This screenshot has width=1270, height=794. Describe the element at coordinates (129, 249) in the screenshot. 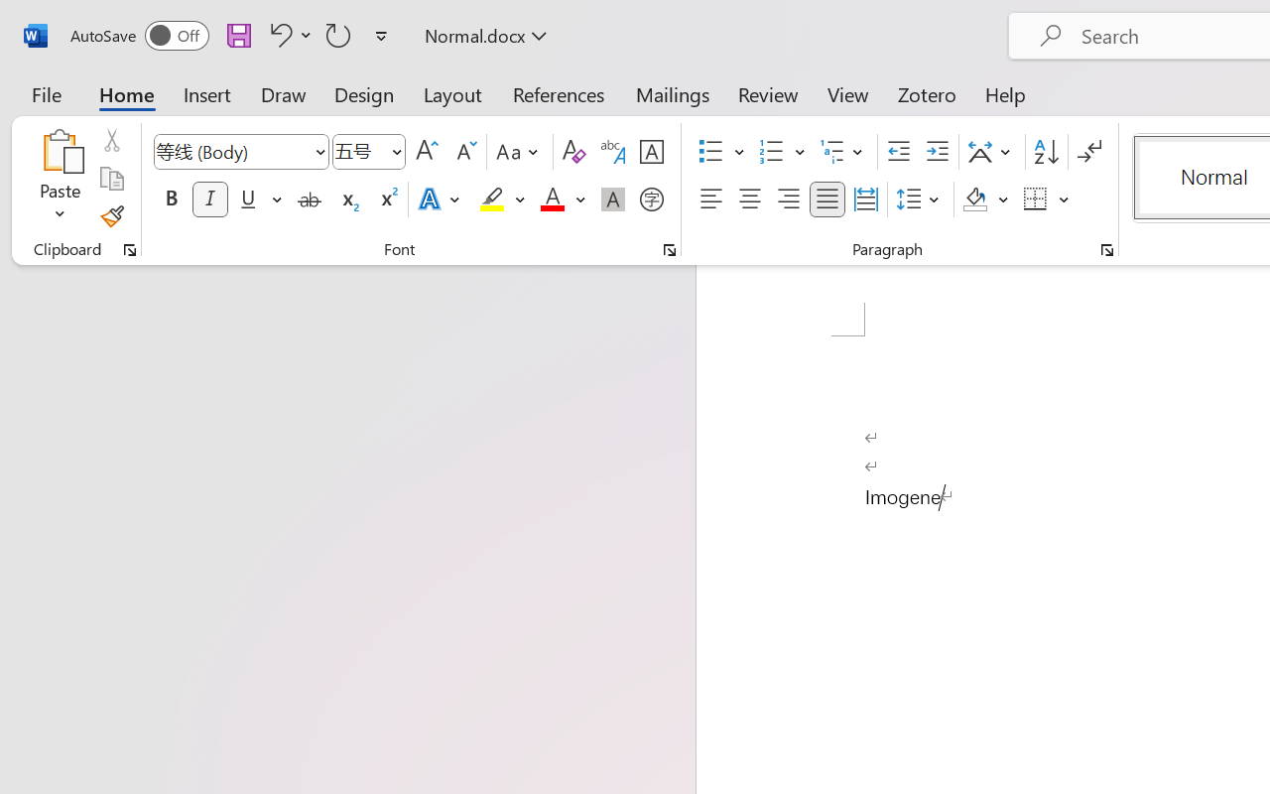

I see `'Office Clipboard...'` at that location.